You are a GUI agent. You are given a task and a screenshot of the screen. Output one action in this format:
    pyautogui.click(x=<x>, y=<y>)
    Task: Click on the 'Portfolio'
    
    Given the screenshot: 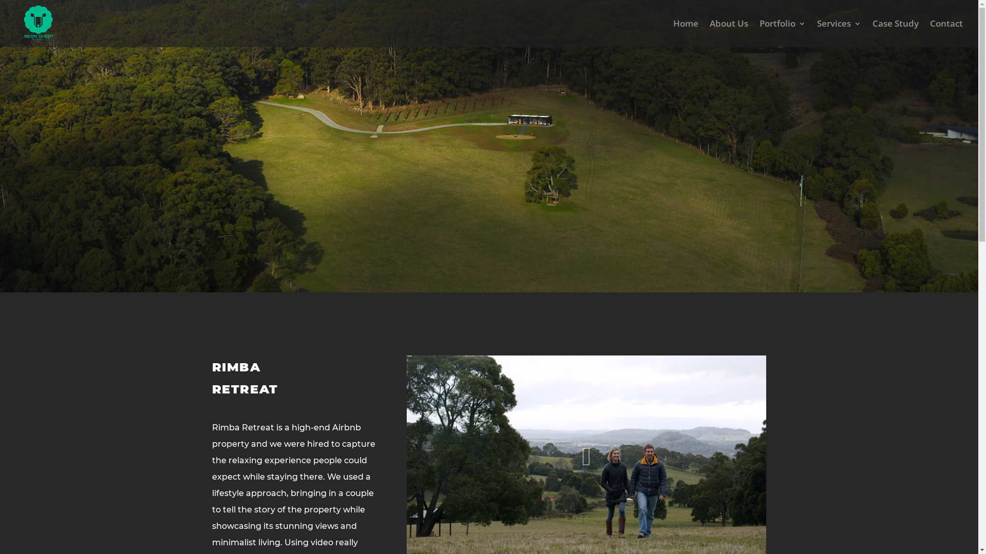 What is the action you would take?
    pyautogui.click(x=782, y=33)
    